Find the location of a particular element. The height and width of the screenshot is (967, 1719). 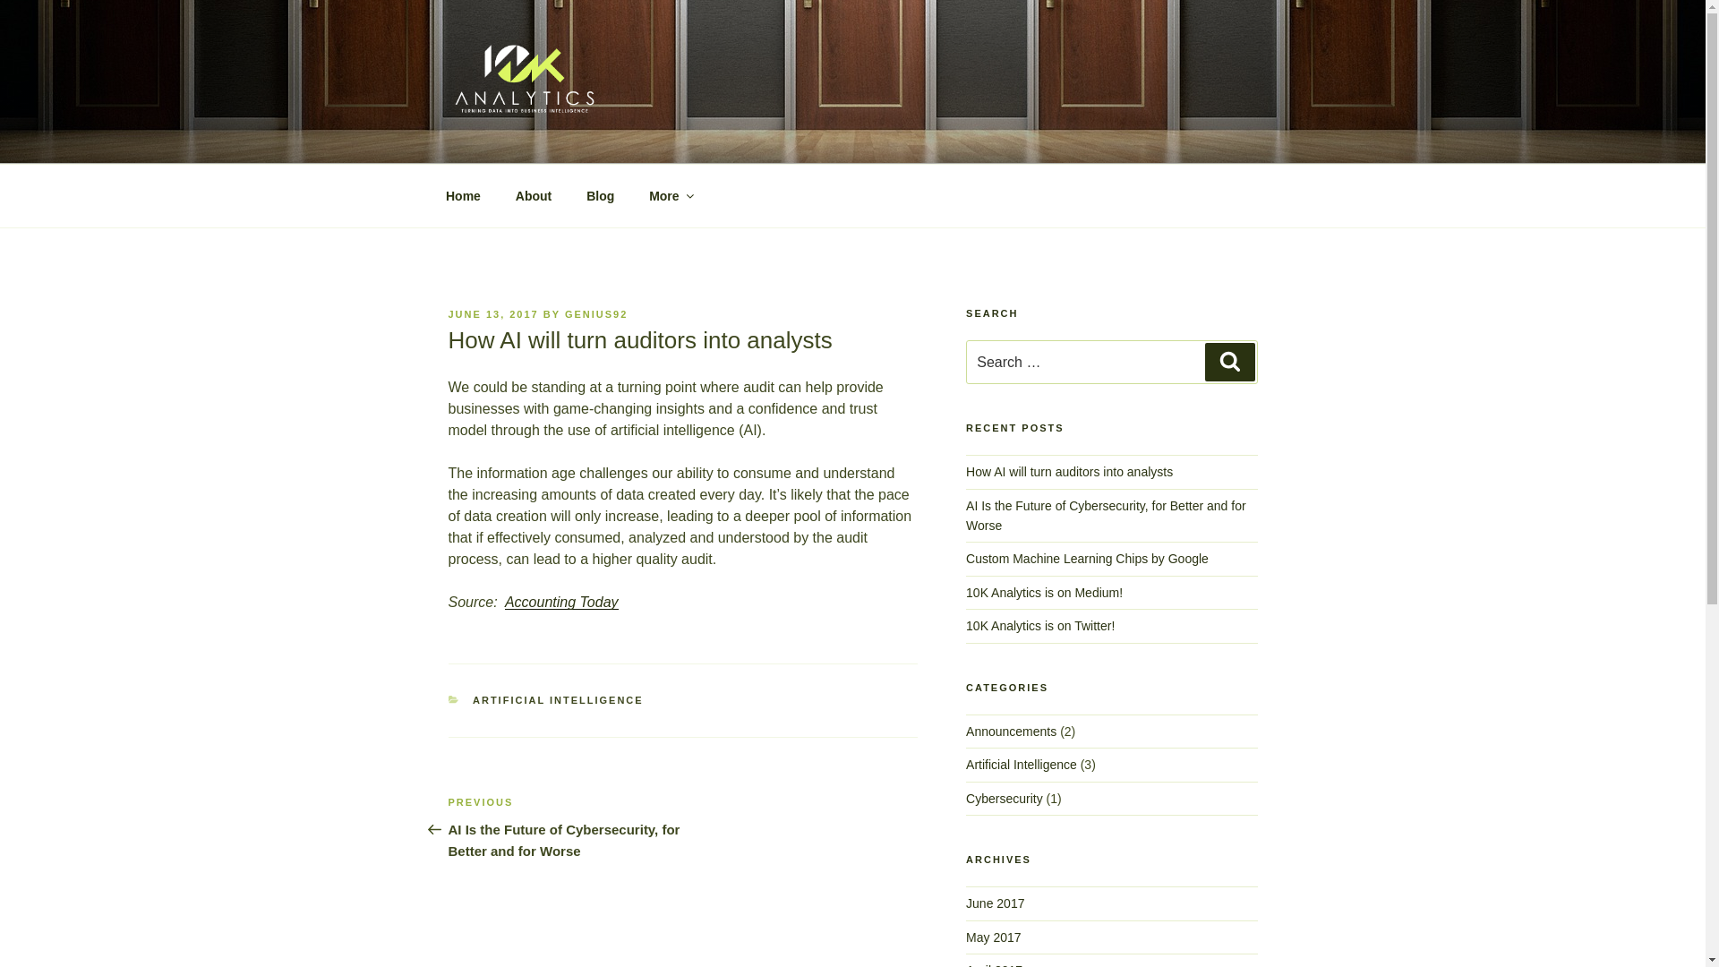

'How AI will turn auditors into analysts' is located at coordinates (1069, 471).